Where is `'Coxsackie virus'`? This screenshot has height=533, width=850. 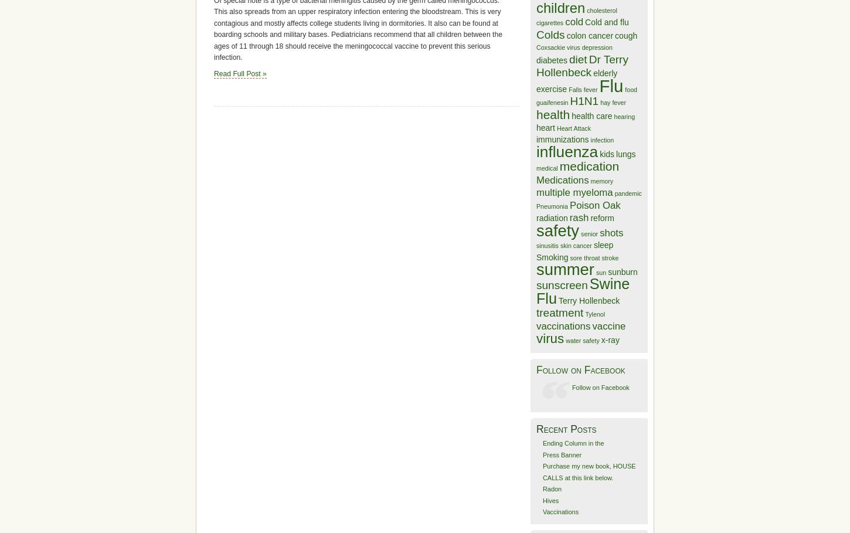
'Coxsackie virus' is located at coordinates (557, 46).